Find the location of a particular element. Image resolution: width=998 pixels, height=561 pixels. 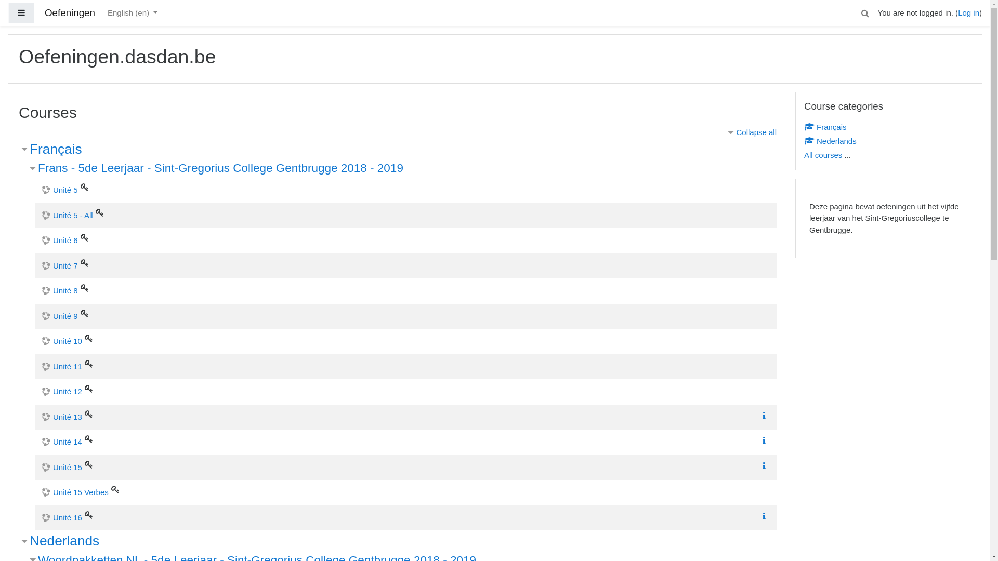

'Log in' is located at coordinates (957, 12).